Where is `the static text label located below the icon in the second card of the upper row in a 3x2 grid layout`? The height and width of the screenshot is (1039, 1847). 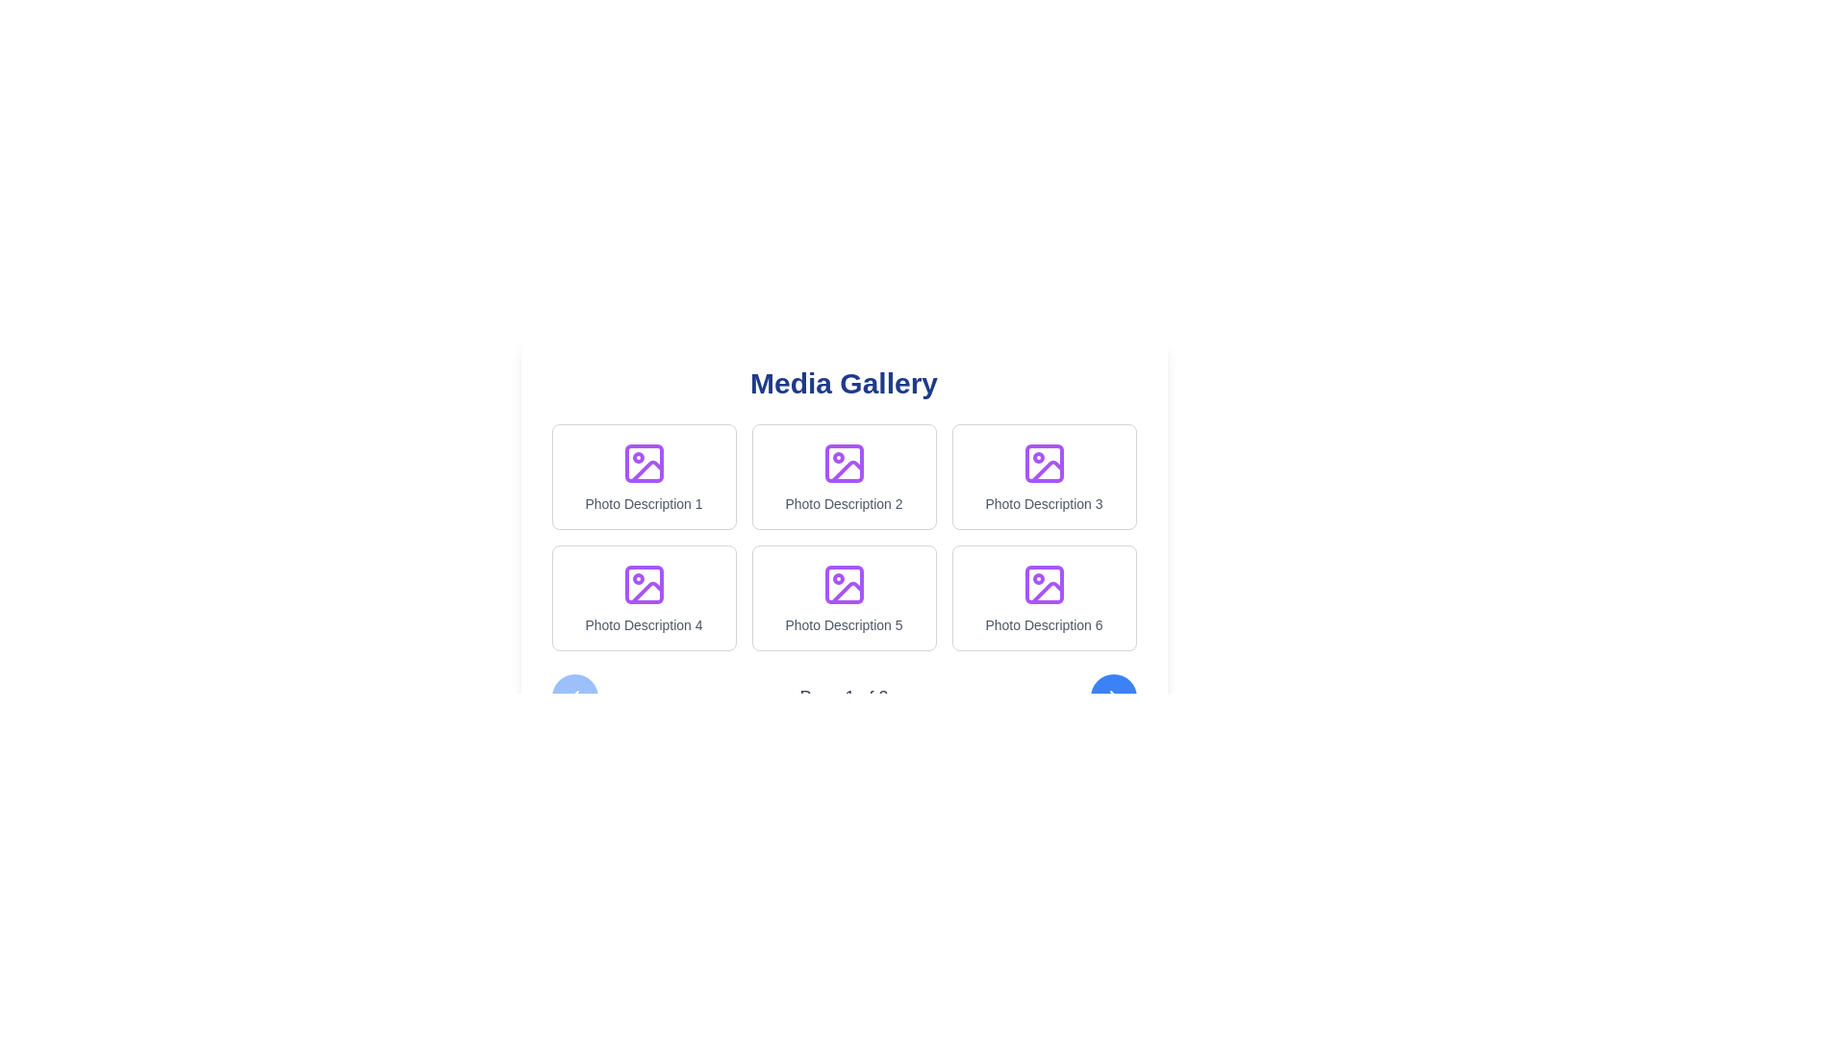 the static text label located below the icon in the second card of the upper row in a 3x2 grid layout is located at coordinates (844, 503).